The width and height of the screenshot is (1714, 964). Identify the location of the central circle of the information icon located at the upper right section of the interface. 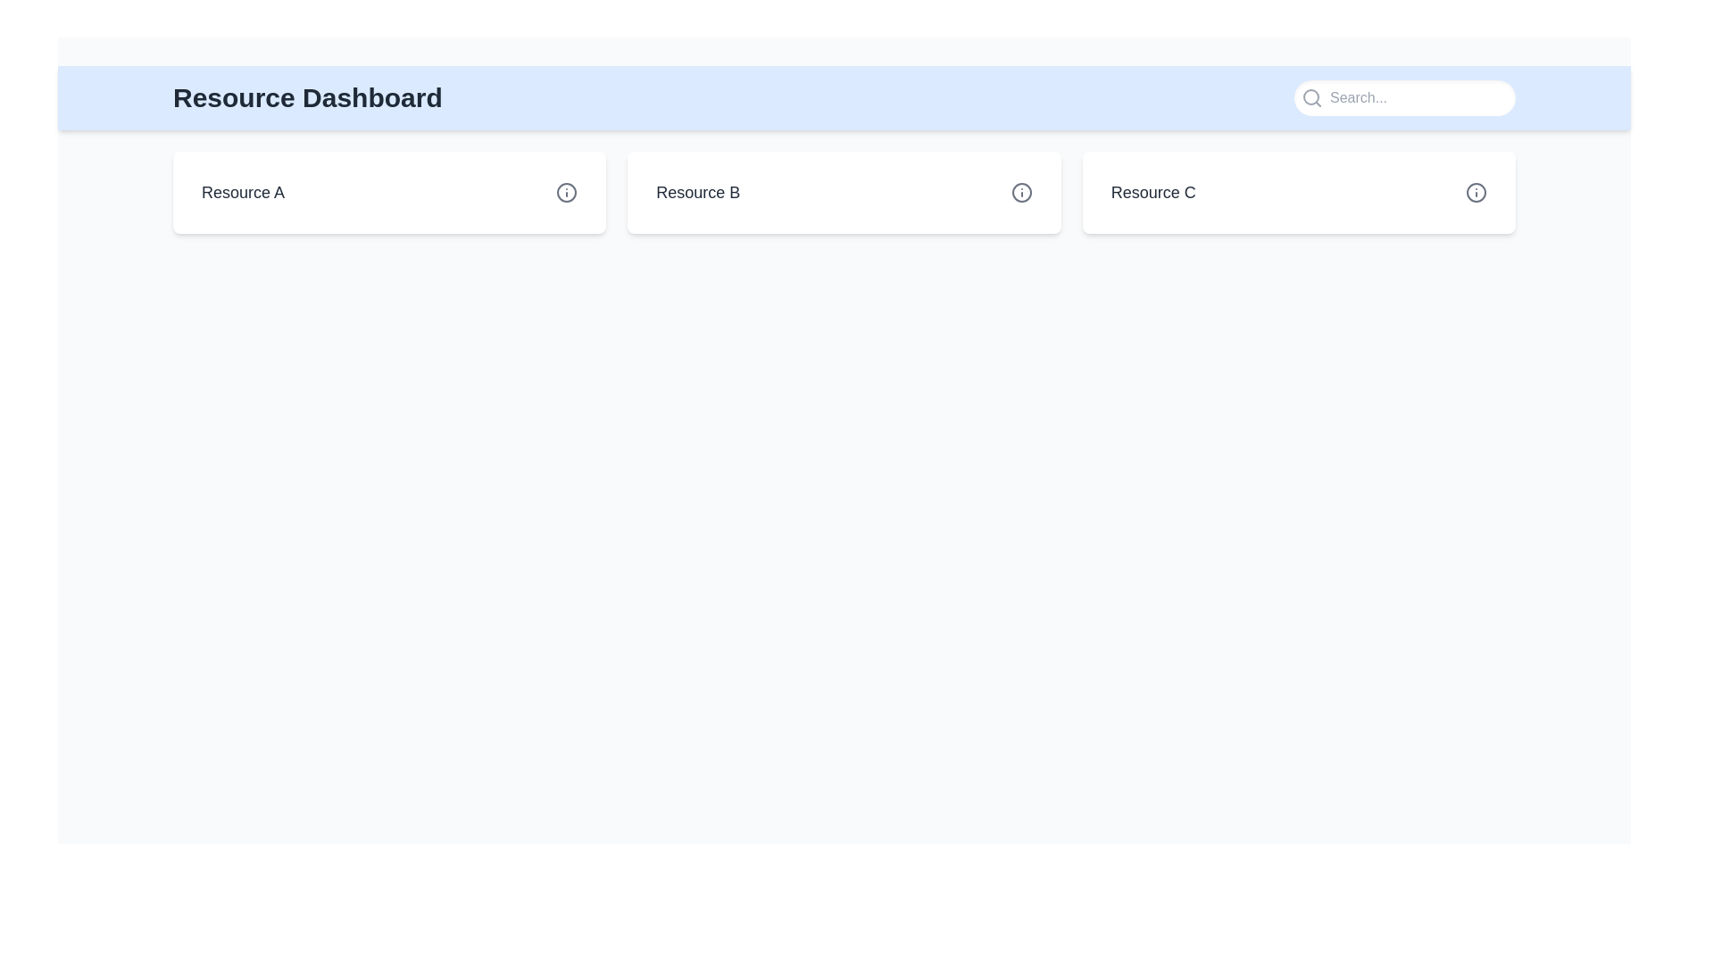
(1477, 193).